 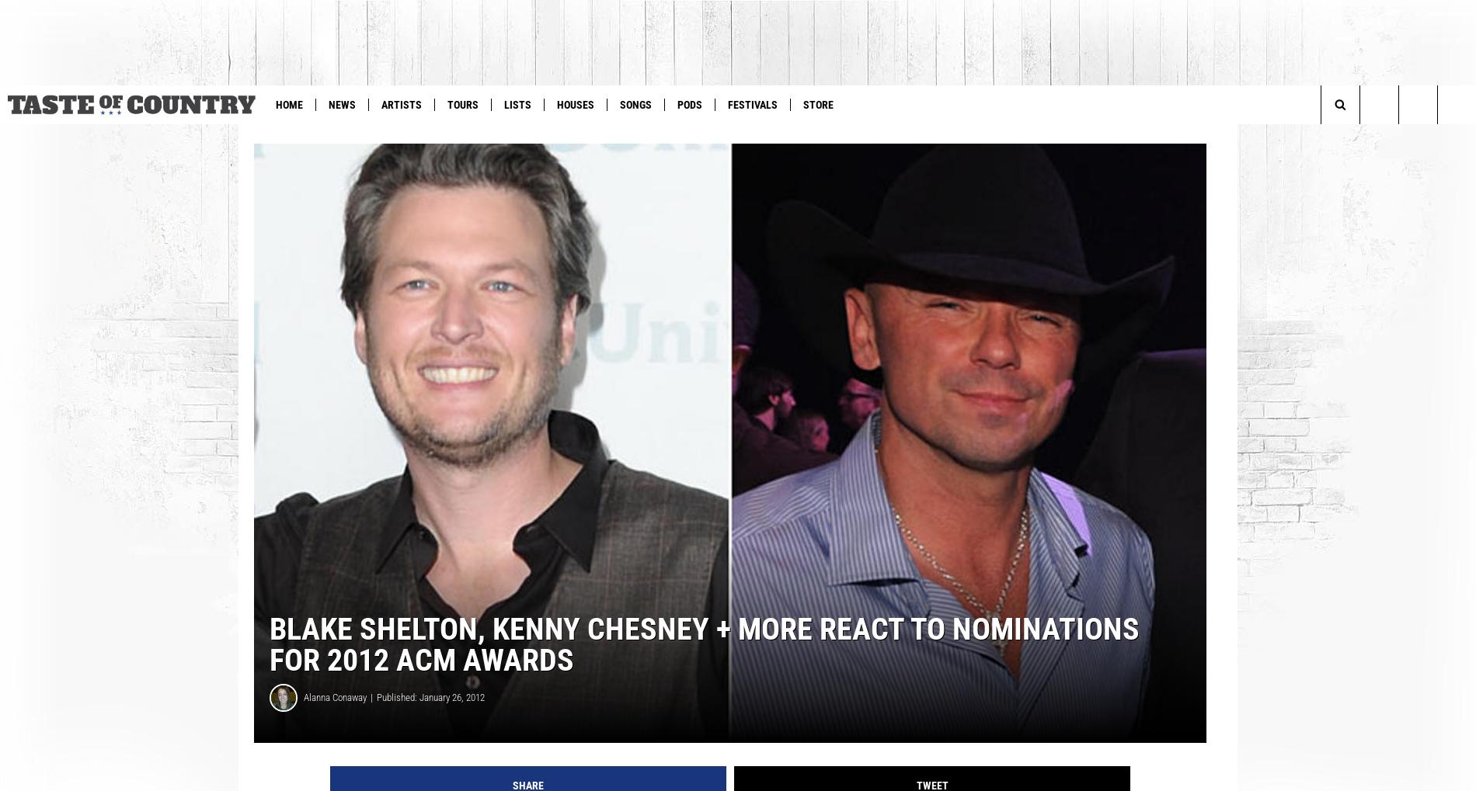 I want to click on 'WIN: See Morgan Wallen in Vegas', so click(x=475, y=136).